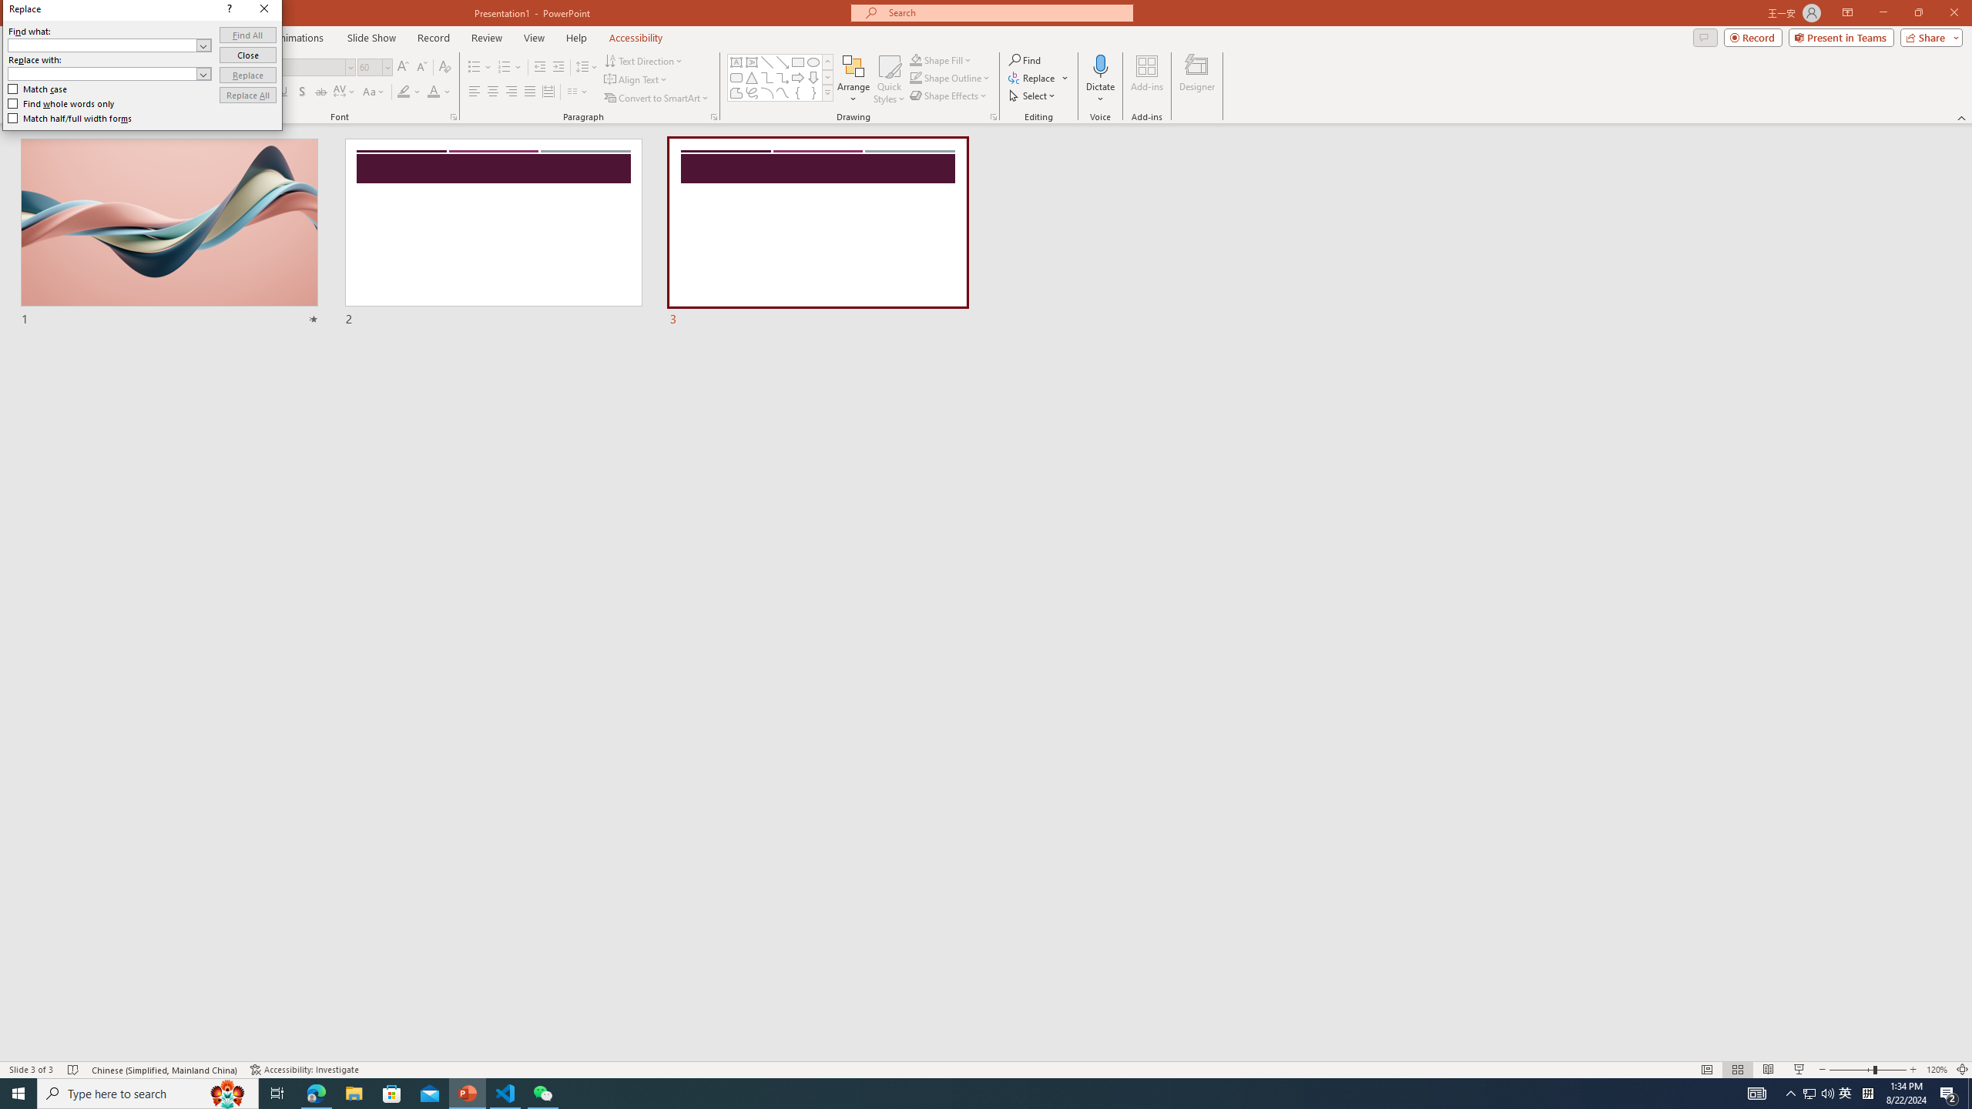  Describe the element at coordinates (109, 45) in the screenshot. I see `'Find what'` at that location.